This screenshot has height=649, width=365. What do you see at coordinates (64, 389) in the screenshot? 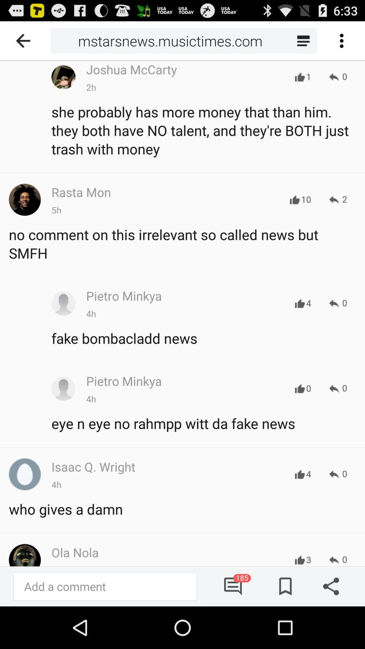
I see `profile image under the text fake bombacladd news` at bounding box center [64, 389].